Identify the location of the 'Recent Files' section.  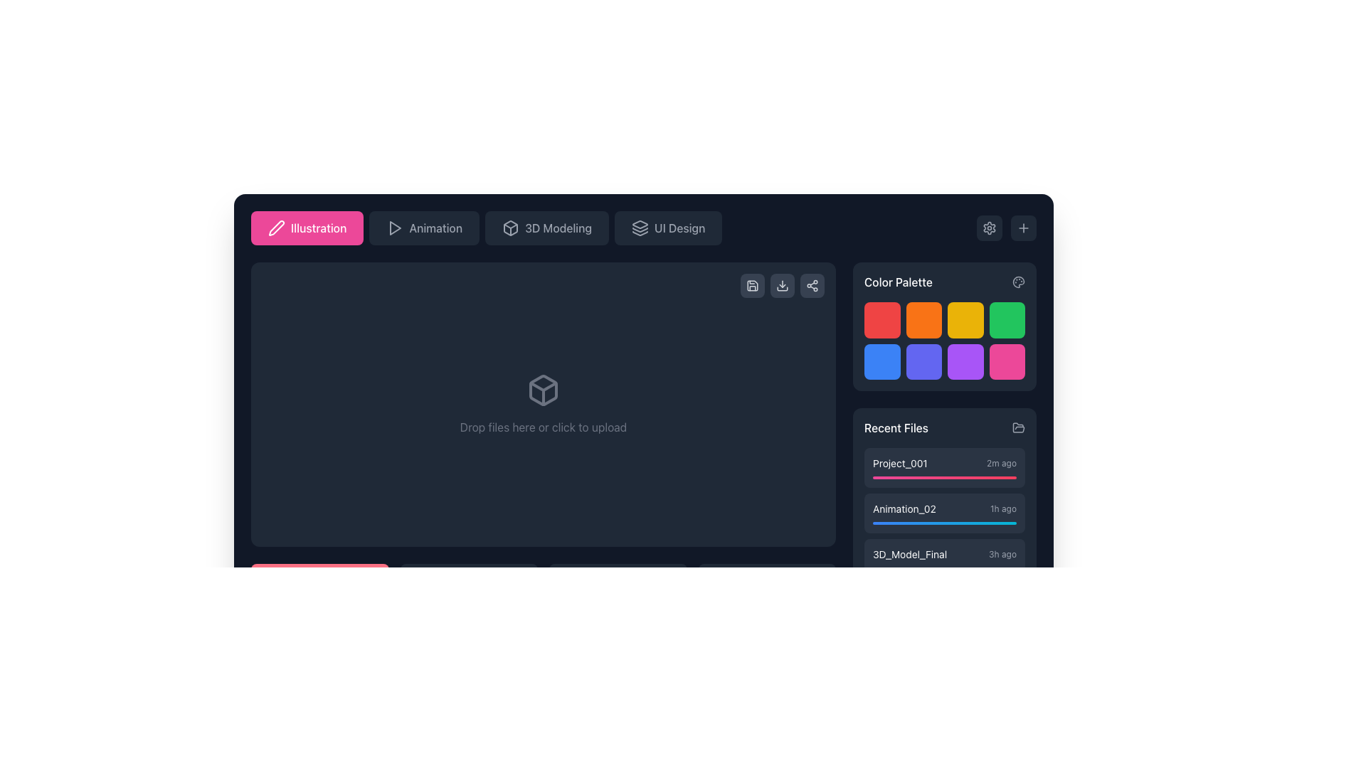
(945, 446).